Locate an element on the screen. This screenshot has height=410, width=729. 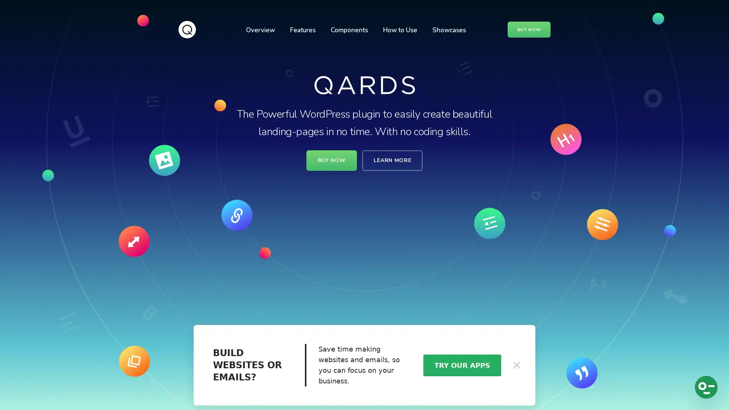
TRY OUR APPS is located at coordinates (461, 364).